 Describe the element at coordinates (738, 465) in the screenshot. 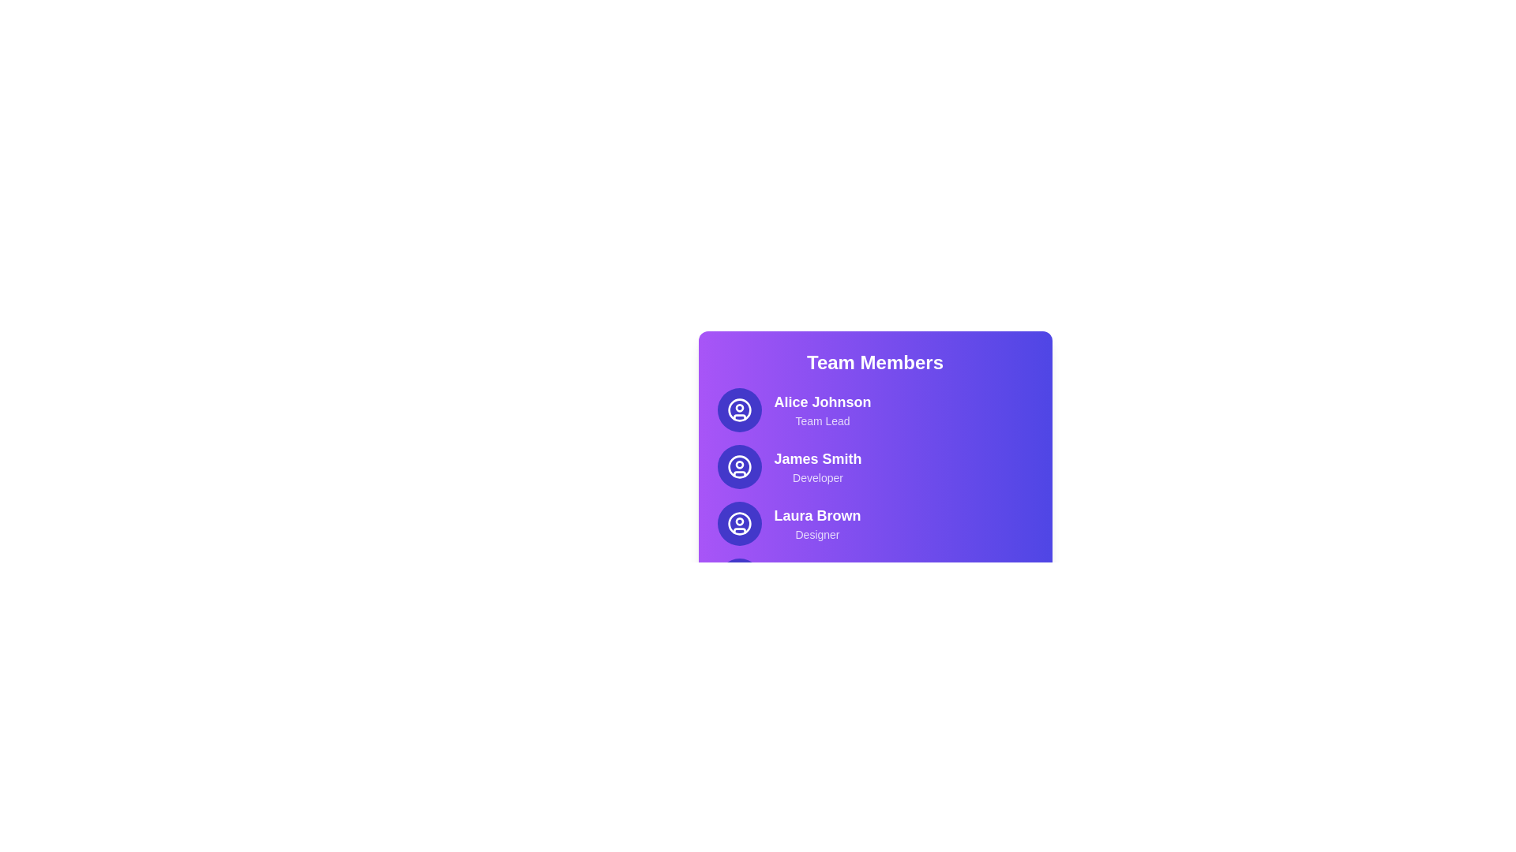

I see `the user icon element representing a team member` at that location.